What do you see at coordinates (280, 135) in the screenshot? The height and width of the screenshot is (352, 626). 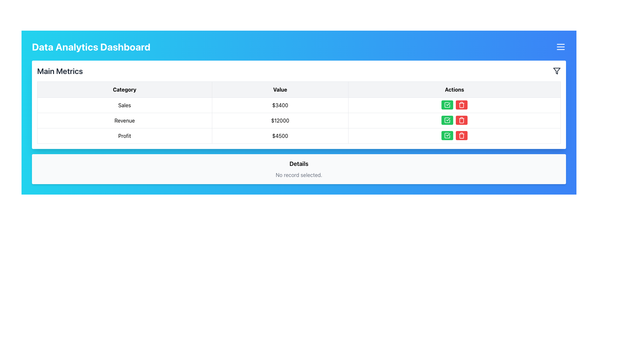 I see `the text display showing '$4500' in the 'Value' column of the 'Profit' row in the 'Main Metrics' table on the dashboard` at bounding box center [280, 135].